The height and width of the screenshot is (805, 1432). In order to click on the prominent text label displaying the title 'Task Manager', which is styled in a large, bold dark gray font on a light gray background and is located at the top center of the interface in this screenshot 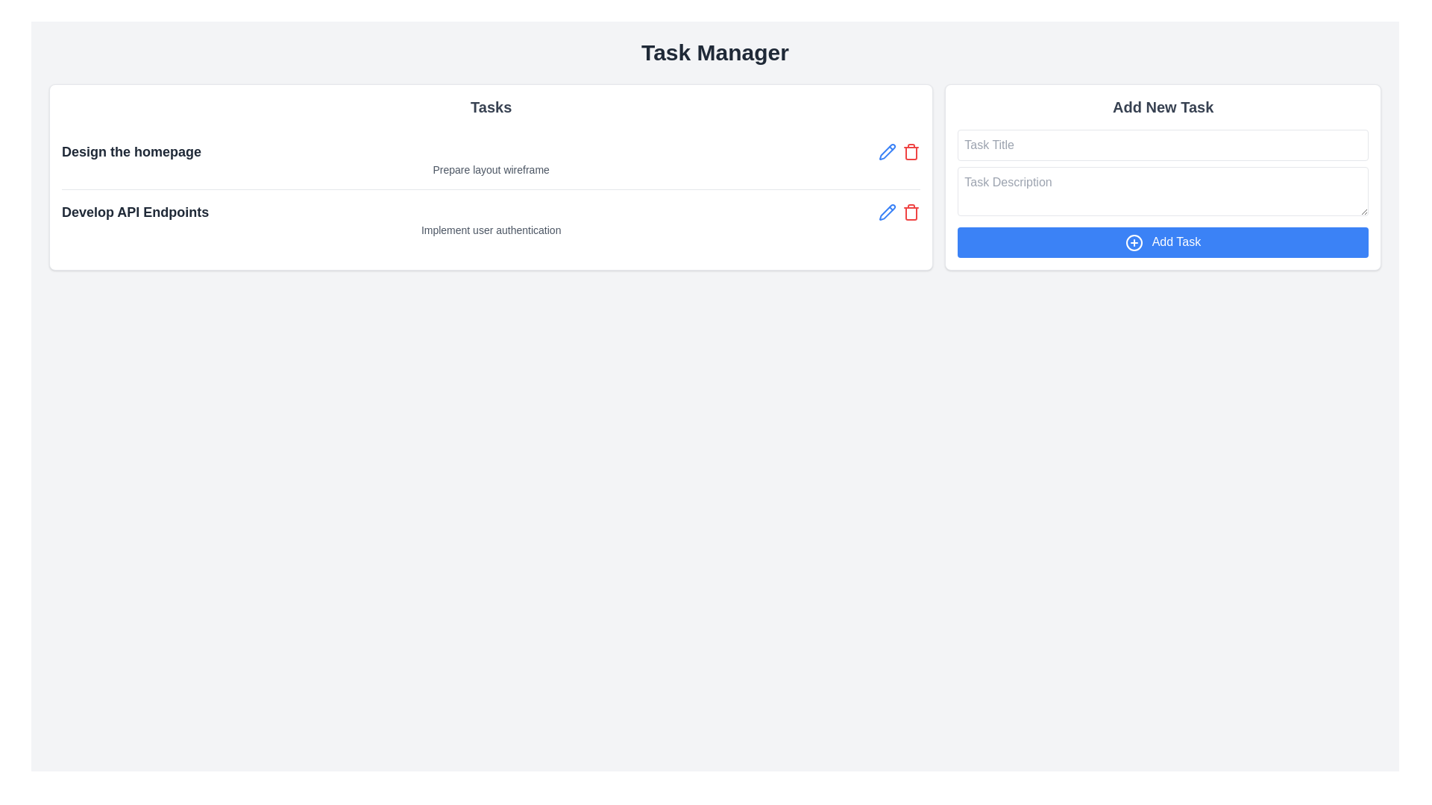, I will do `click(715, 51)`.